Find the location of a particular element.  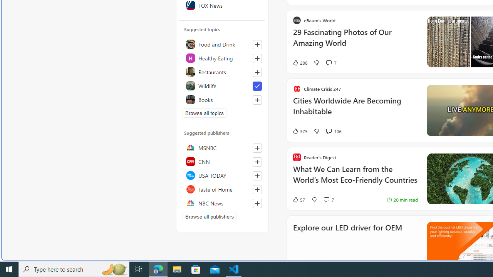

'Food and Drink' is located at coordinates (222, 44).